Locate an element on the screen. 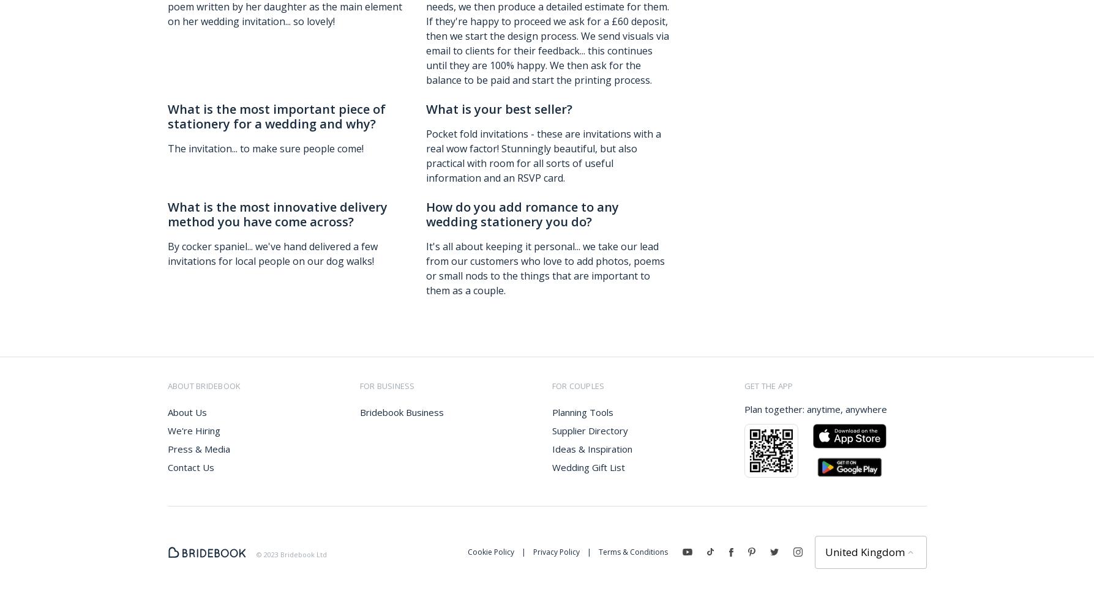 This screenshot has width=1094, height=597. 'We're Hiring' is located at coordinates (167, 429).